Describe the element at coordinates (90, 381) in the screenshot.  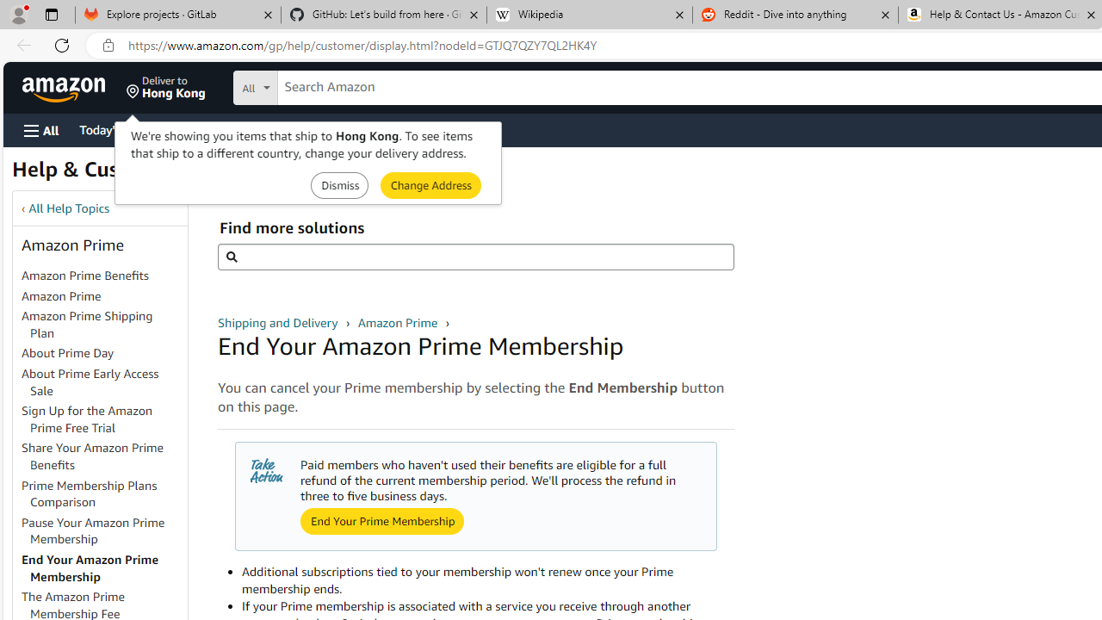
I see `'About Prime Early Access Sale'` at that location.